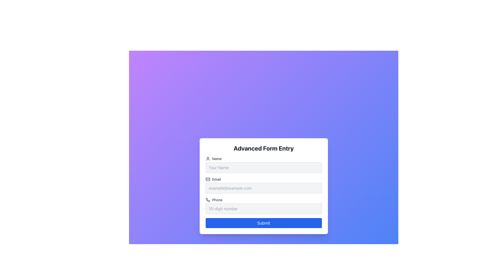  What do you see at coordinates (208, 179) in the screenshot?
I see `the email input icon located to the left of the 'Email' label in the form section` at bounding box center [208, 179].